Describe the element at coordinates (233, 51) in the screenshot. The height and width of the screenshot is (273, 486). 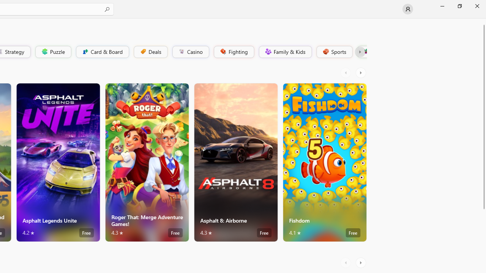
I see `'Fighting'` at that location.